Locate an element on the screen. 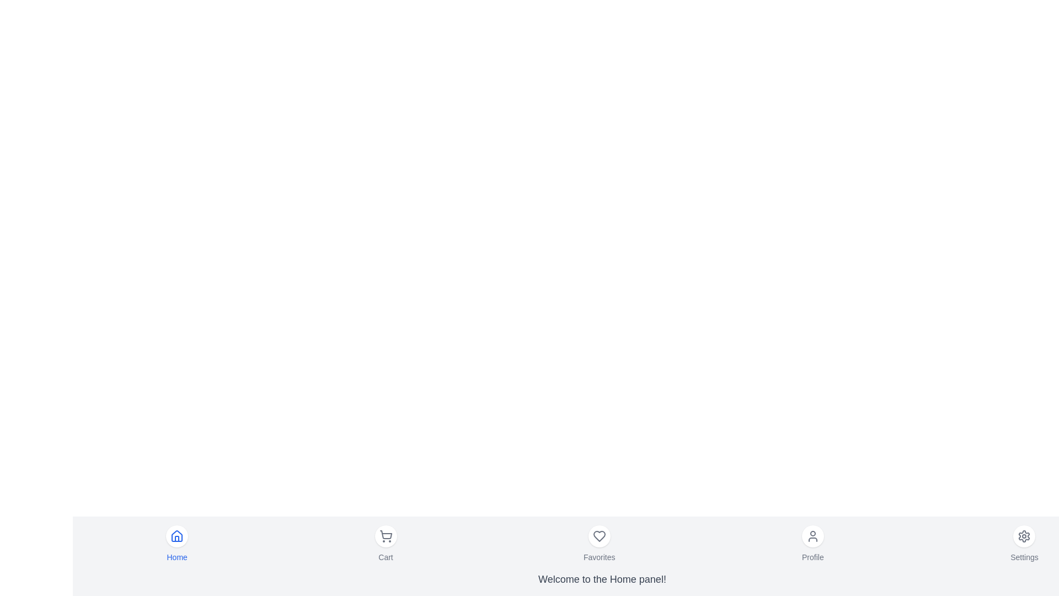 This screenshot has width=1059, height=596. the Cart menu item to navigate to its respective section is located at coordinates (386, 544).